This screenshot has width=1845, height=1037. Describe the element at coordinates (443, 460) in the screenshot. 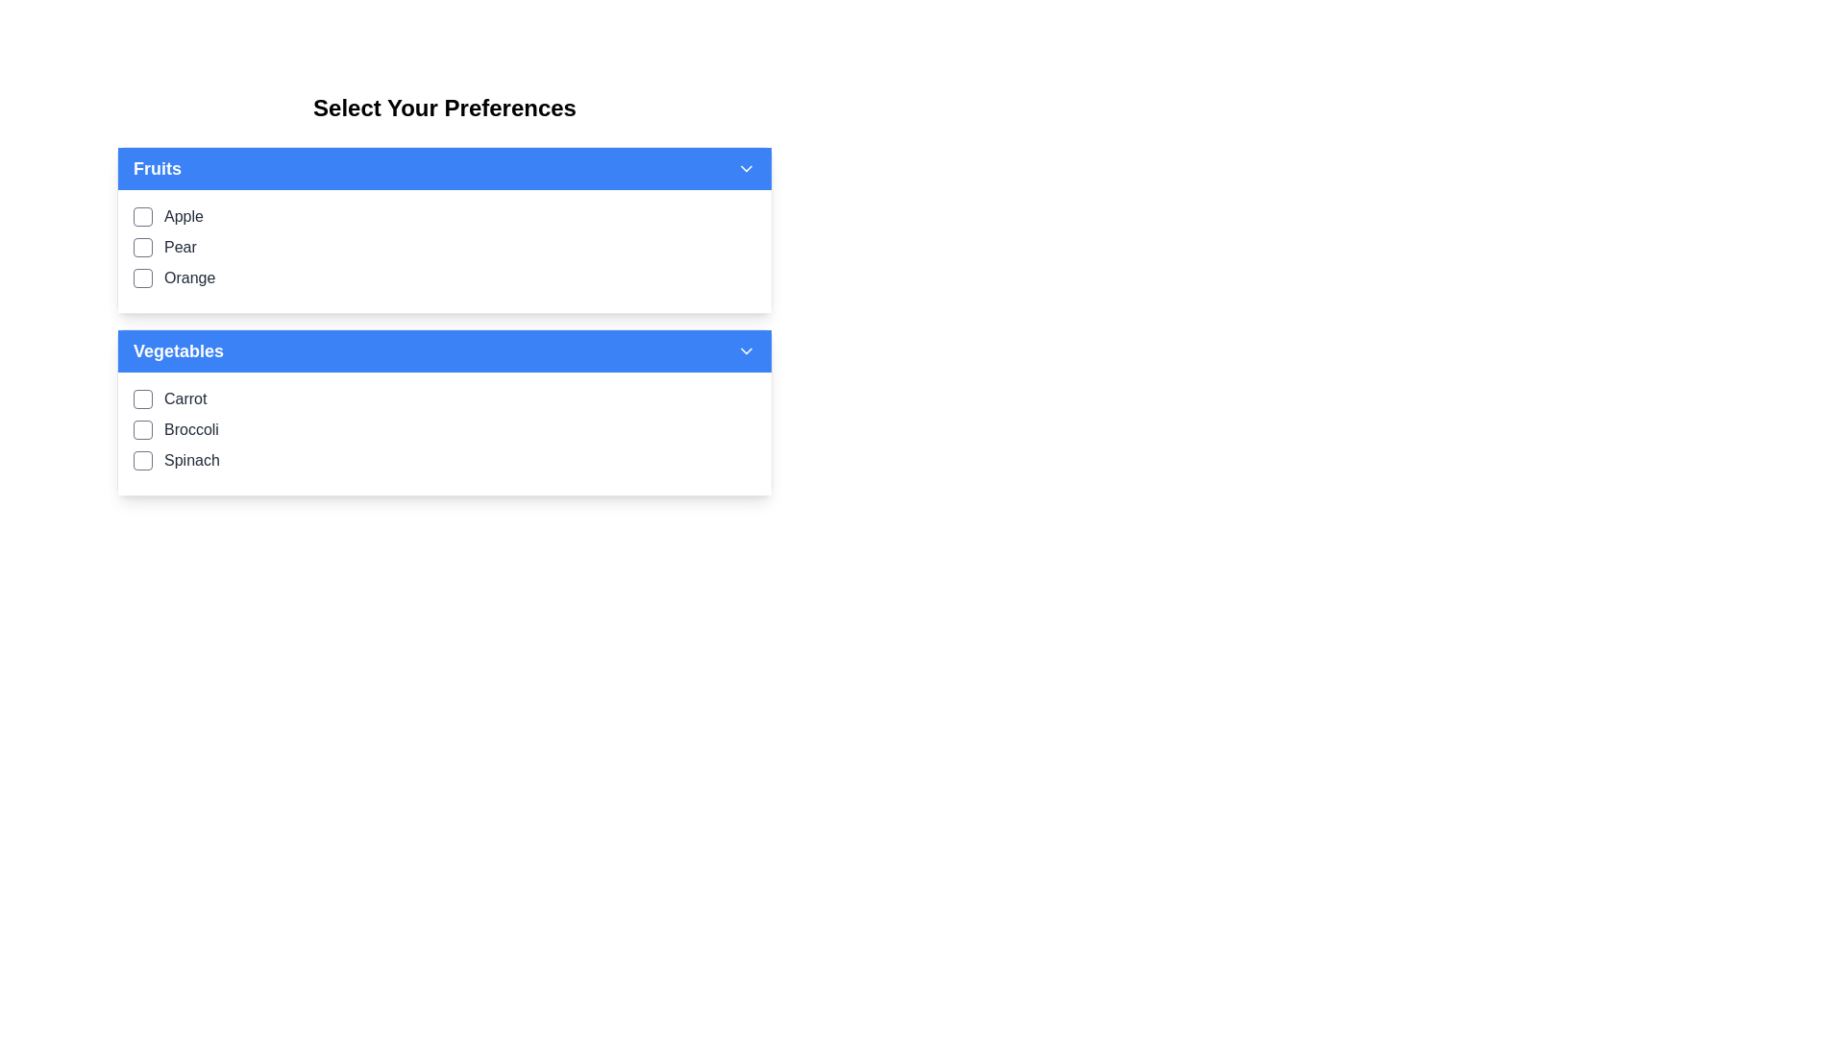

I see `the checkbox labeled 'Spinach', located` at that location.